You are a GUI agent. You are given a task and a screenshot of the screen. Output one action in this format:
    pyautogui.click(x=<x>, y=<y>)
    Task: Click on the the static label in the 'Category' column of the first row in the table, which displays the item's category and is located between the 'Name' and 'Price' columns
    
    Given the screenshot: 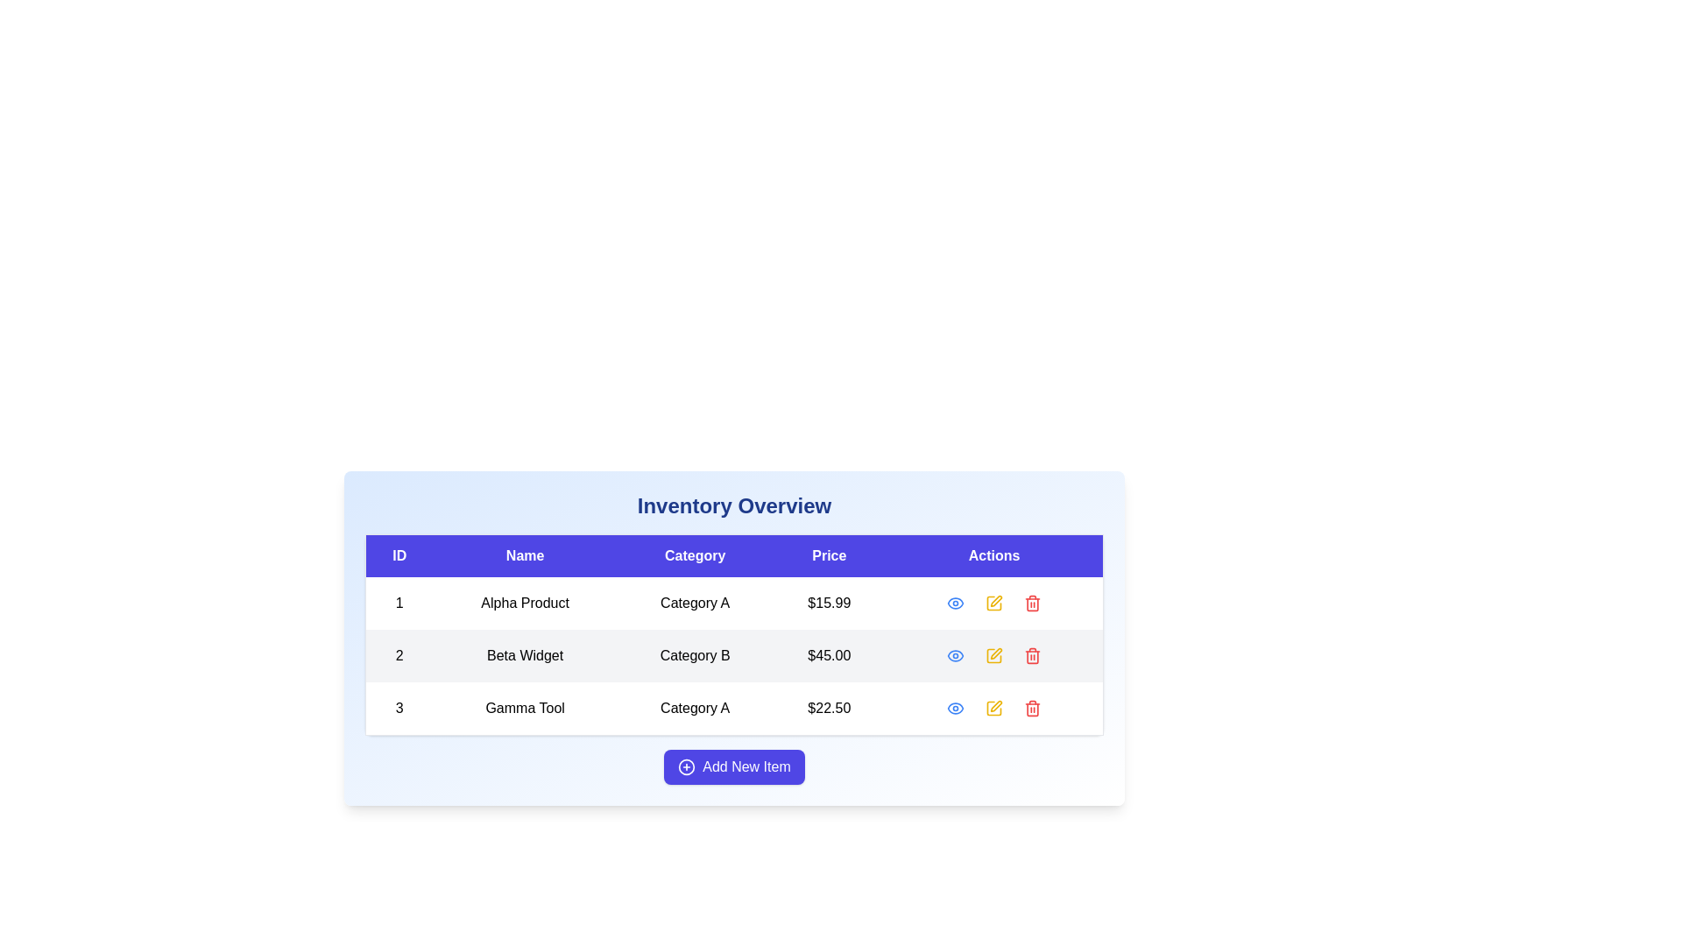 What is the action you would take?
    pyautogui.click(x=694, y=603)
    